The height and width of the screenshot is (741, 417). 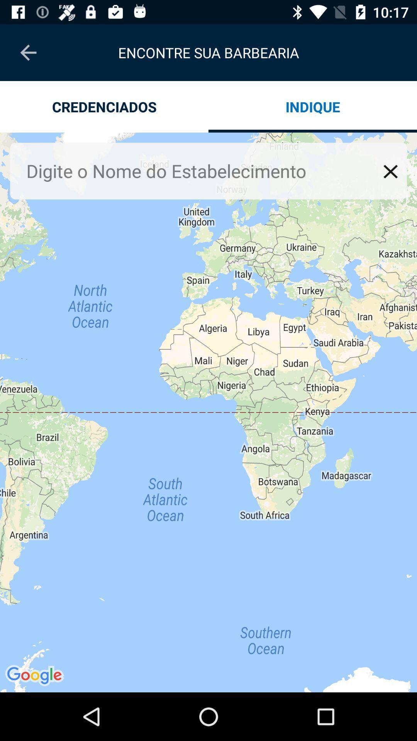 What do you see at coordinates (28, 52) in the screenshot?
I see `the app above credenciados app` at bounding box center [28, 52].